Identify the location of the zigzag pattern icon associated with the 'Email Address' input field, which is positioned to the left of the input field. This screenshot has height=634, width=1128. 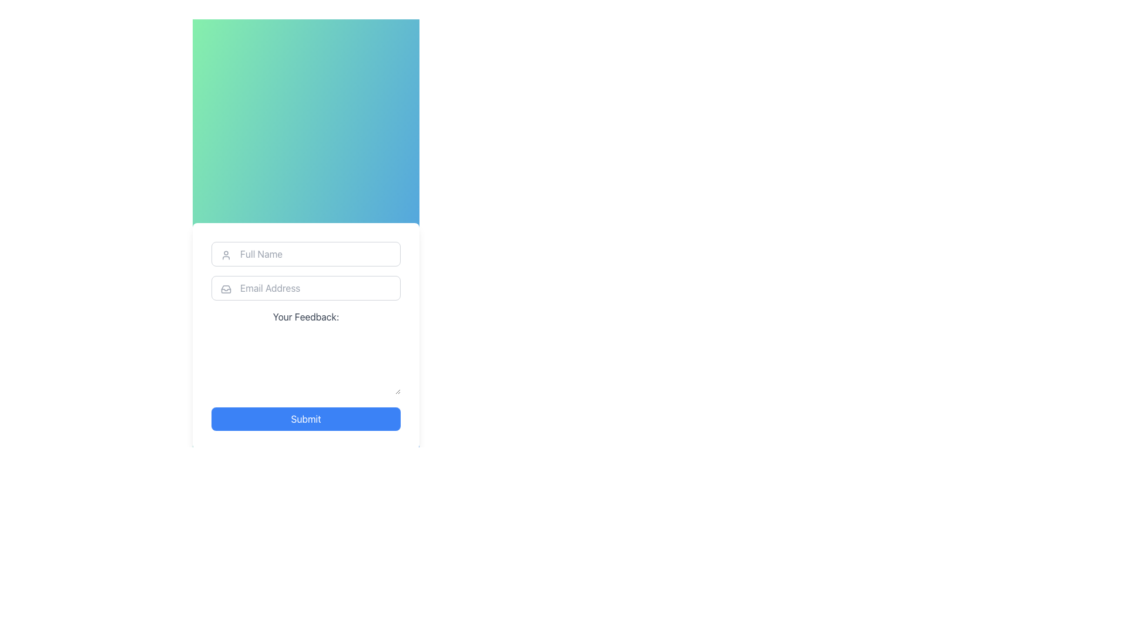
(226, 289).